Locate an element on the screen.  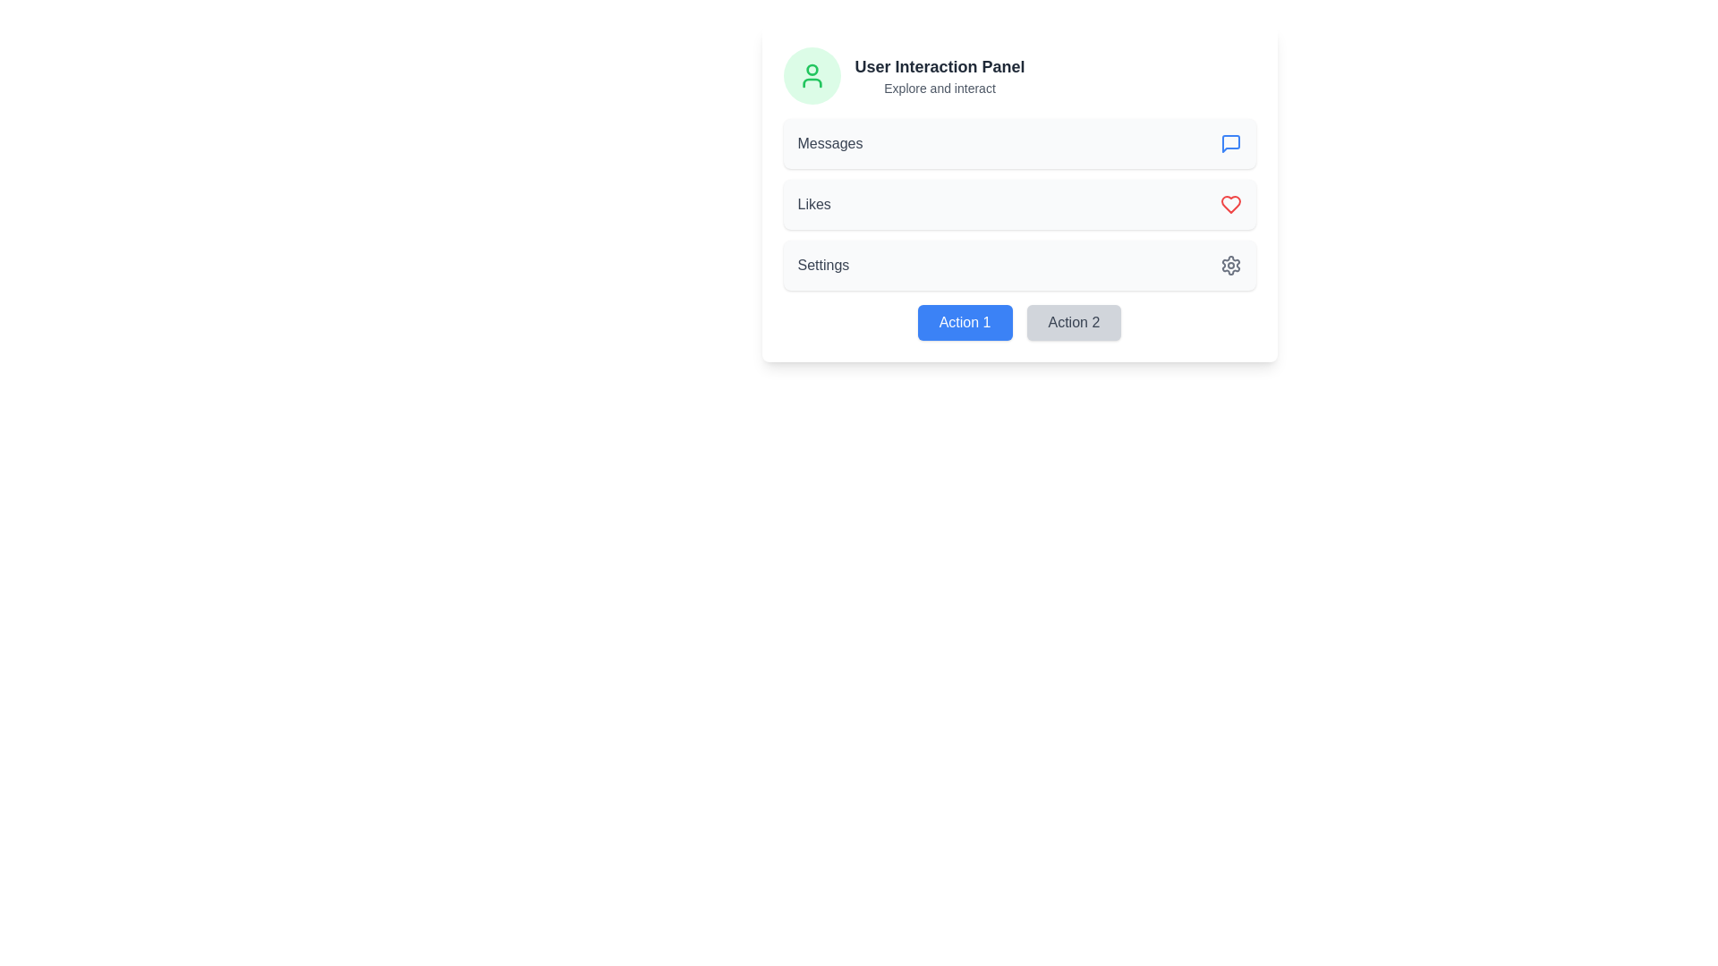
the Text label which serves as a heading for the panel below it, providing context to users about the content or functionality present in the interface is located at coordinates (939, 65).